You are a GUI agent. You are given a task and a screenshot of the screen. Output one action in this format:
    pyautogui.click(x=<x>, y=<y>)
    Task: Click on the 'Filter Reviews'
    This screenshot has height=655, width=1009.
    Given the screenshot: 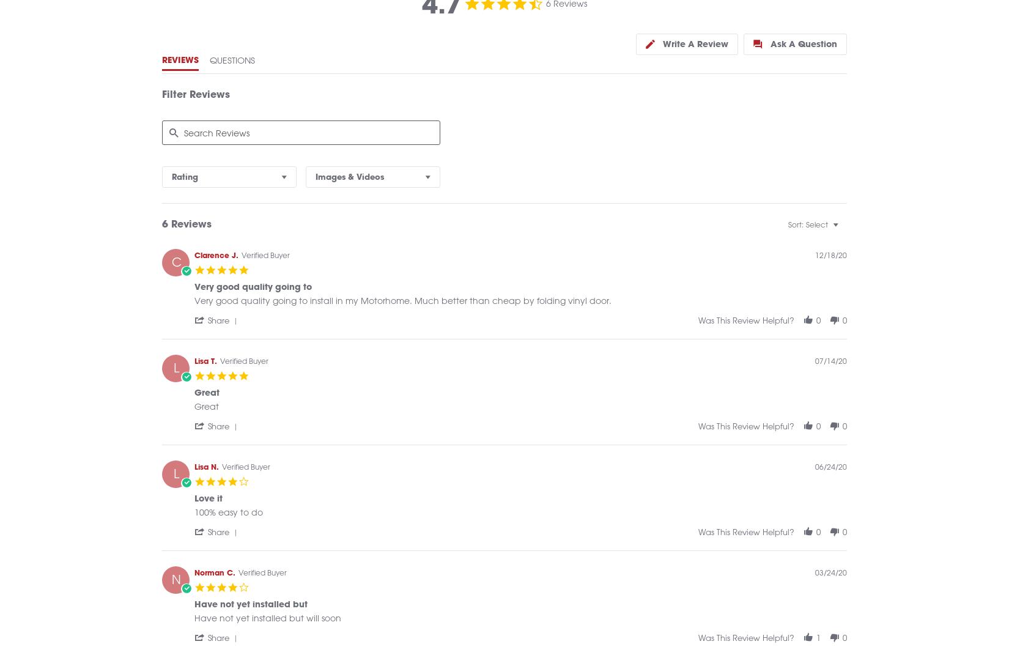 What is the action you would take?
    pyautogui.click(x=196, y=106)
    